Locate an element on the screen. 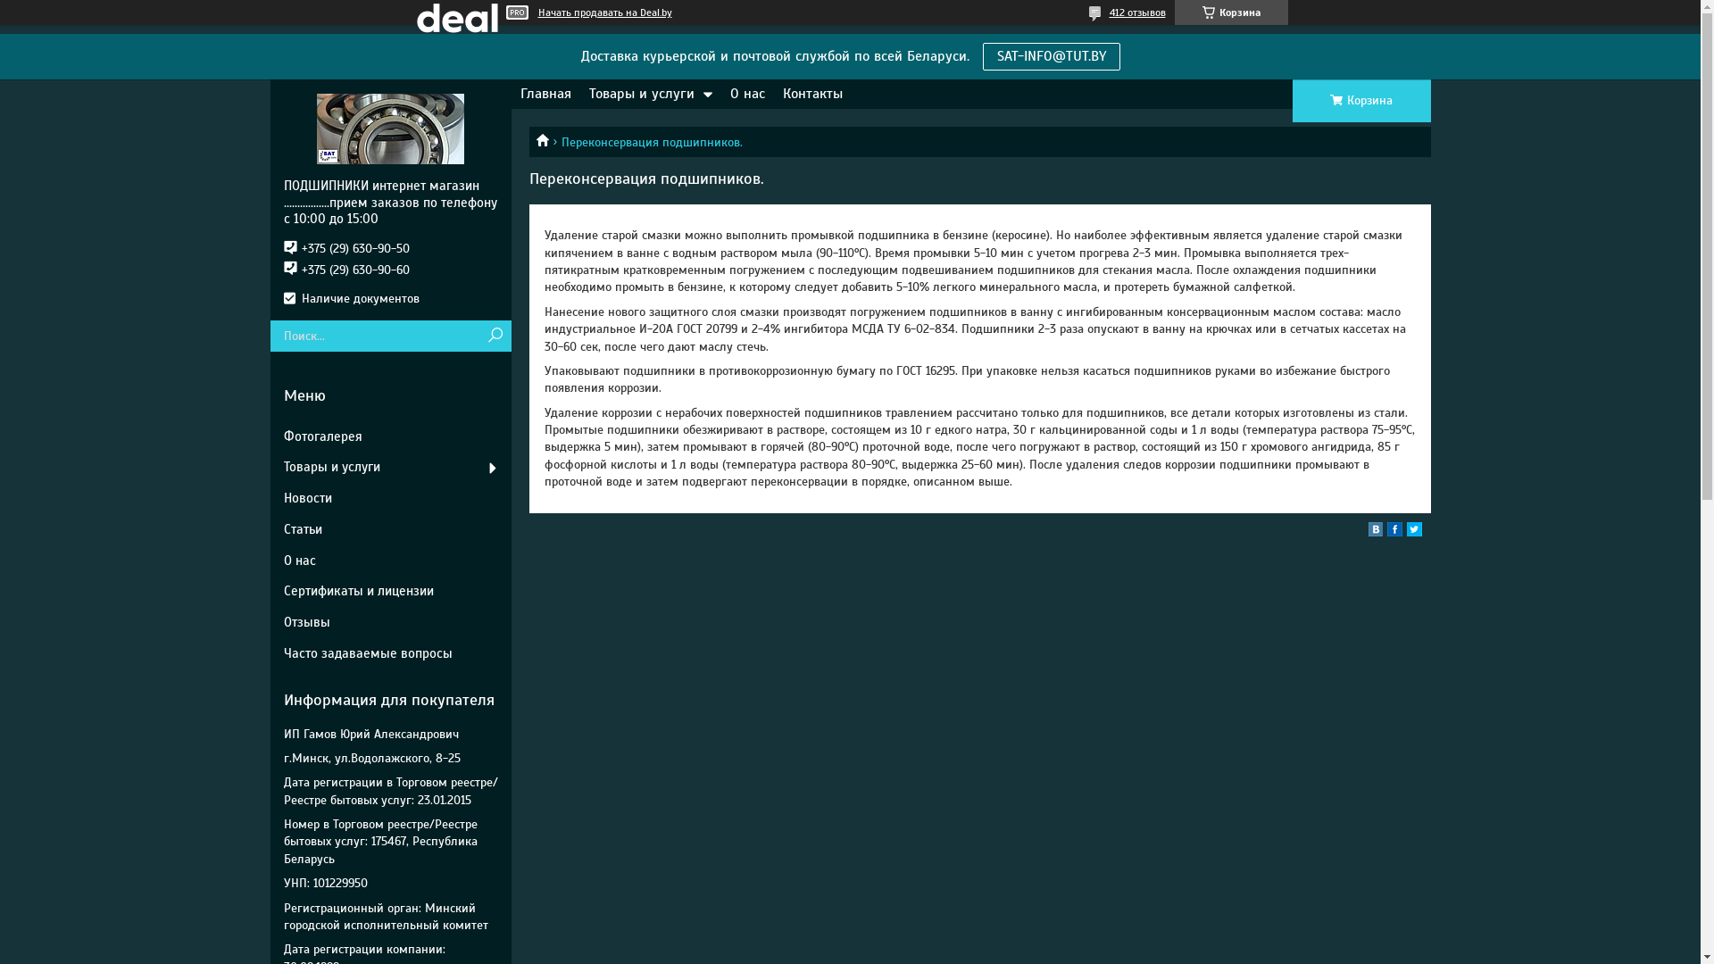 The height and width of the screenshot is (964, 1714). 'facebook' is located at coordinates (1394, 531).